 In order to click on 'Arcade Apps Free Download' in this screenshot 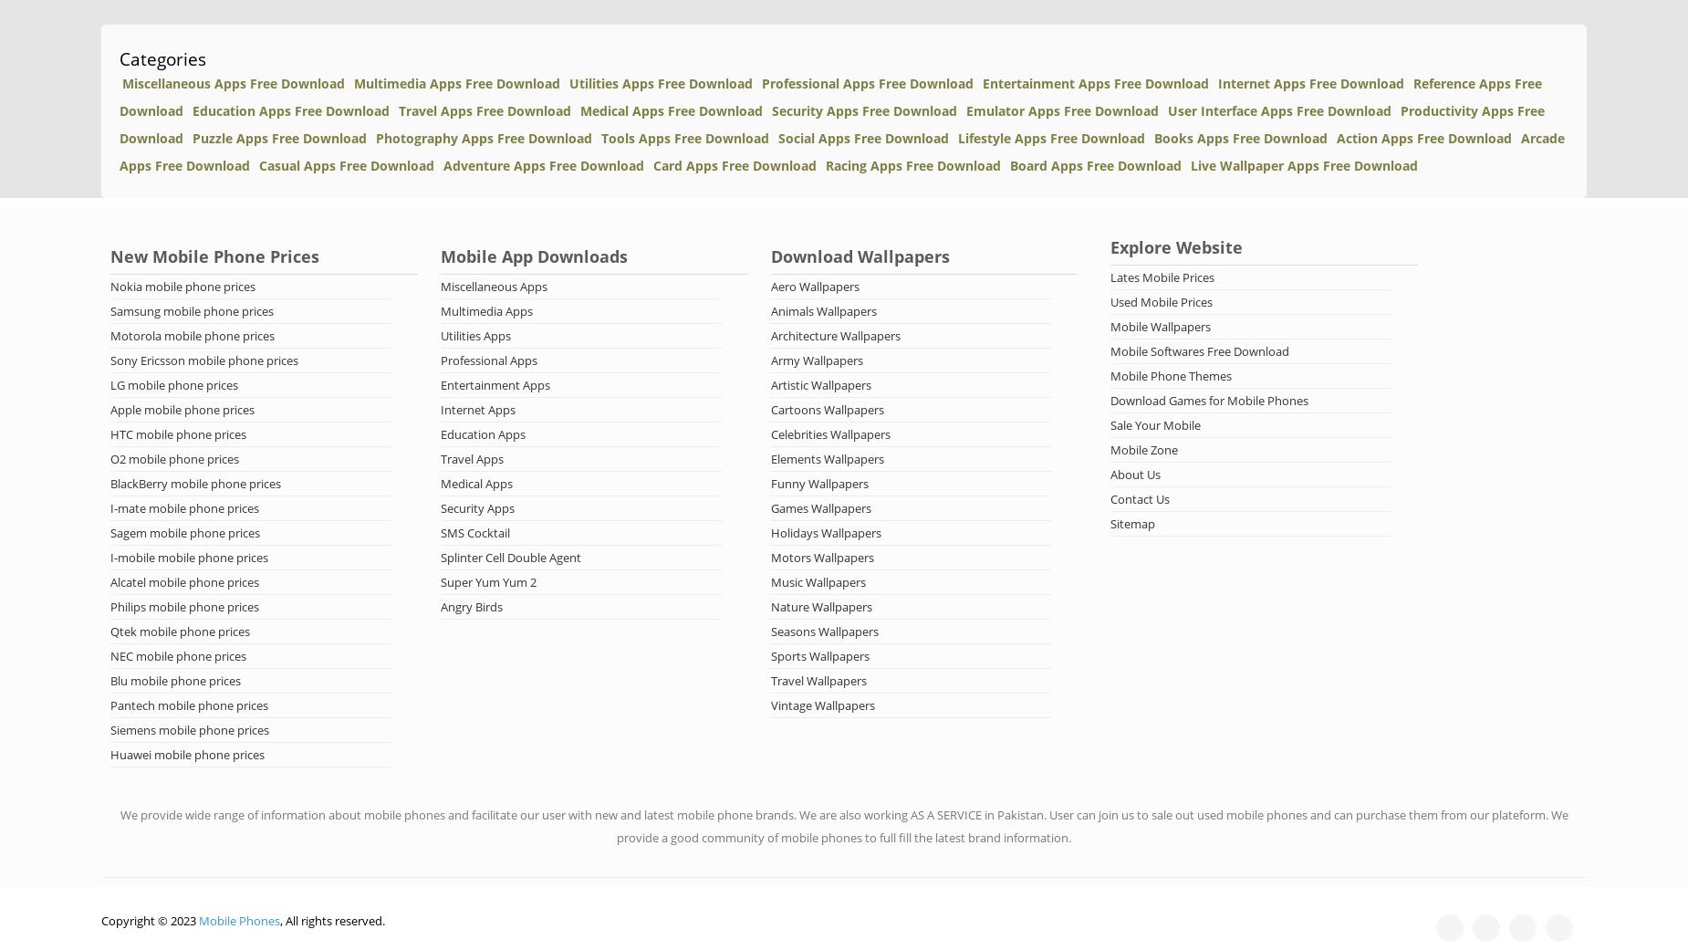, I will do `click(118, 151)`.